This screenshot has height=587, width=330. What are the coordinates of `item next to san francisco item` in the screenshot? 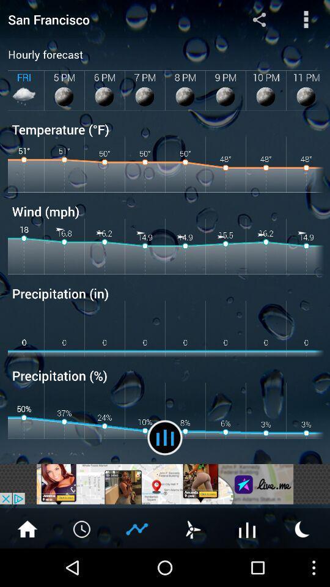 It's located at (258, 18).